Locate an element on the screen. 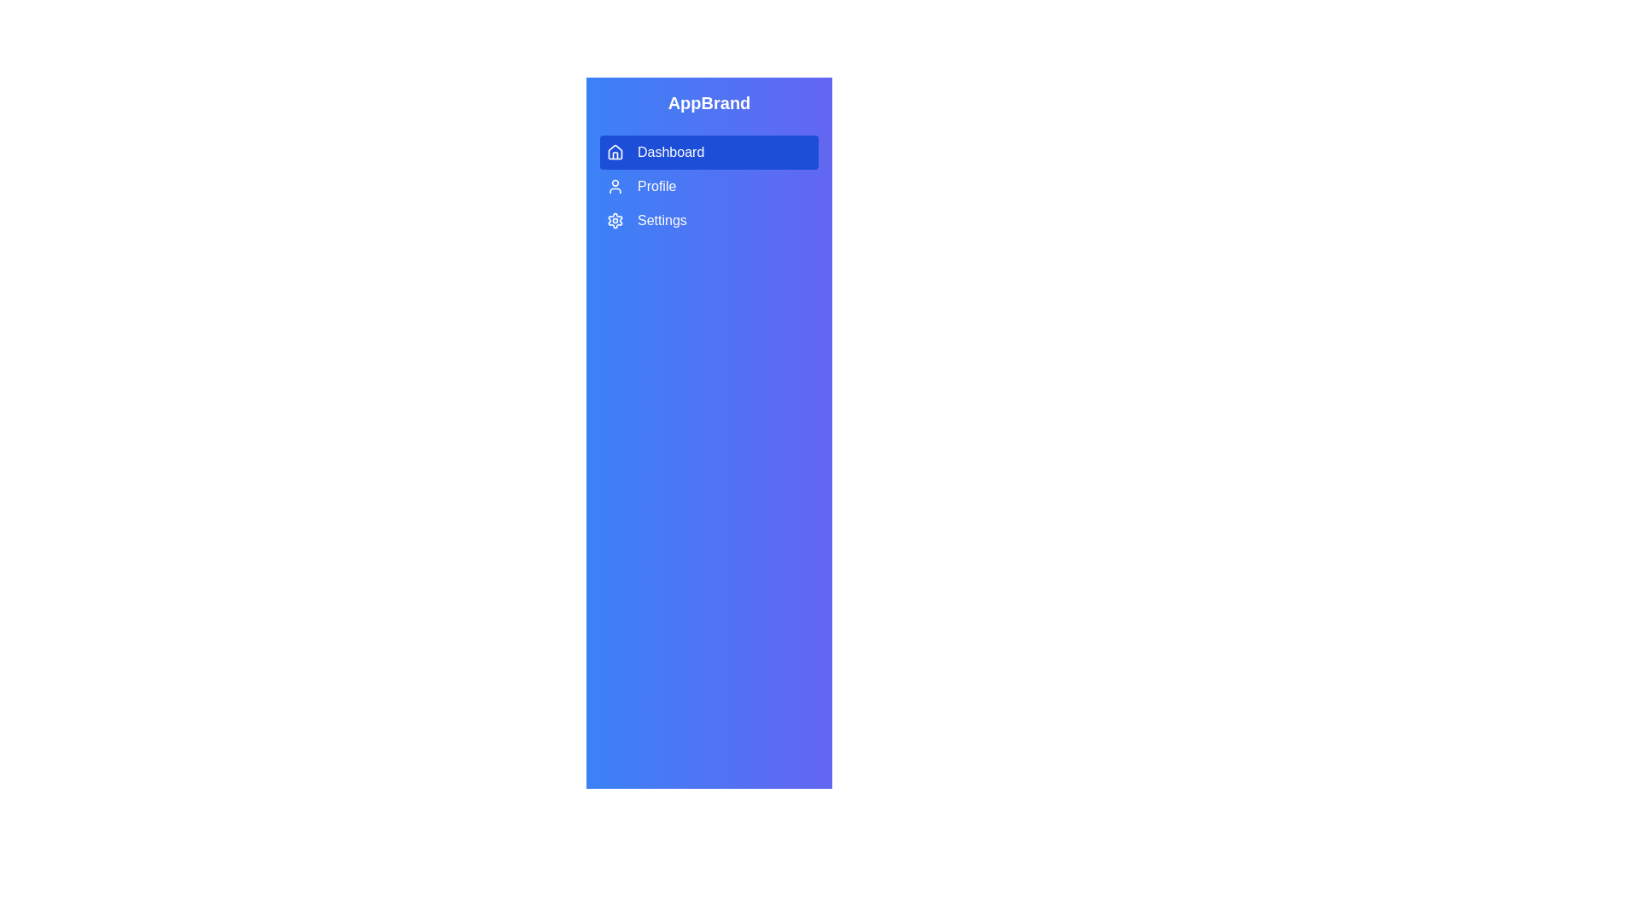 The image size is (1639, 921). 'Settings' label text located in the sidebar navigation menu, which is identified by its white font and medium weight, accompanied by a gear icon to its left is located at coordinates (661, 219).